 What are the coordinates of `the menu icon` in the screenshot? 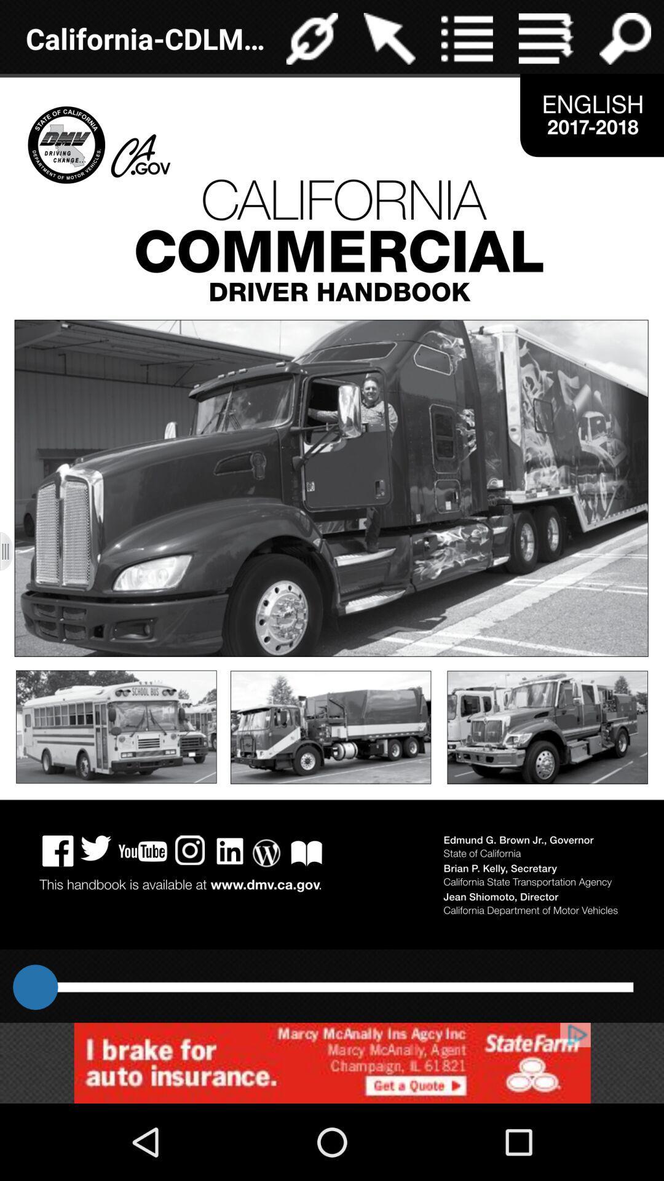 It's located at (545, 41).